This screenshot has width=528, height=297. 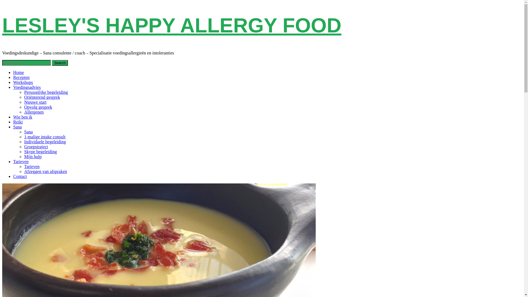 I want to click on 'Nieuwe start', so click(x=35, y=102).